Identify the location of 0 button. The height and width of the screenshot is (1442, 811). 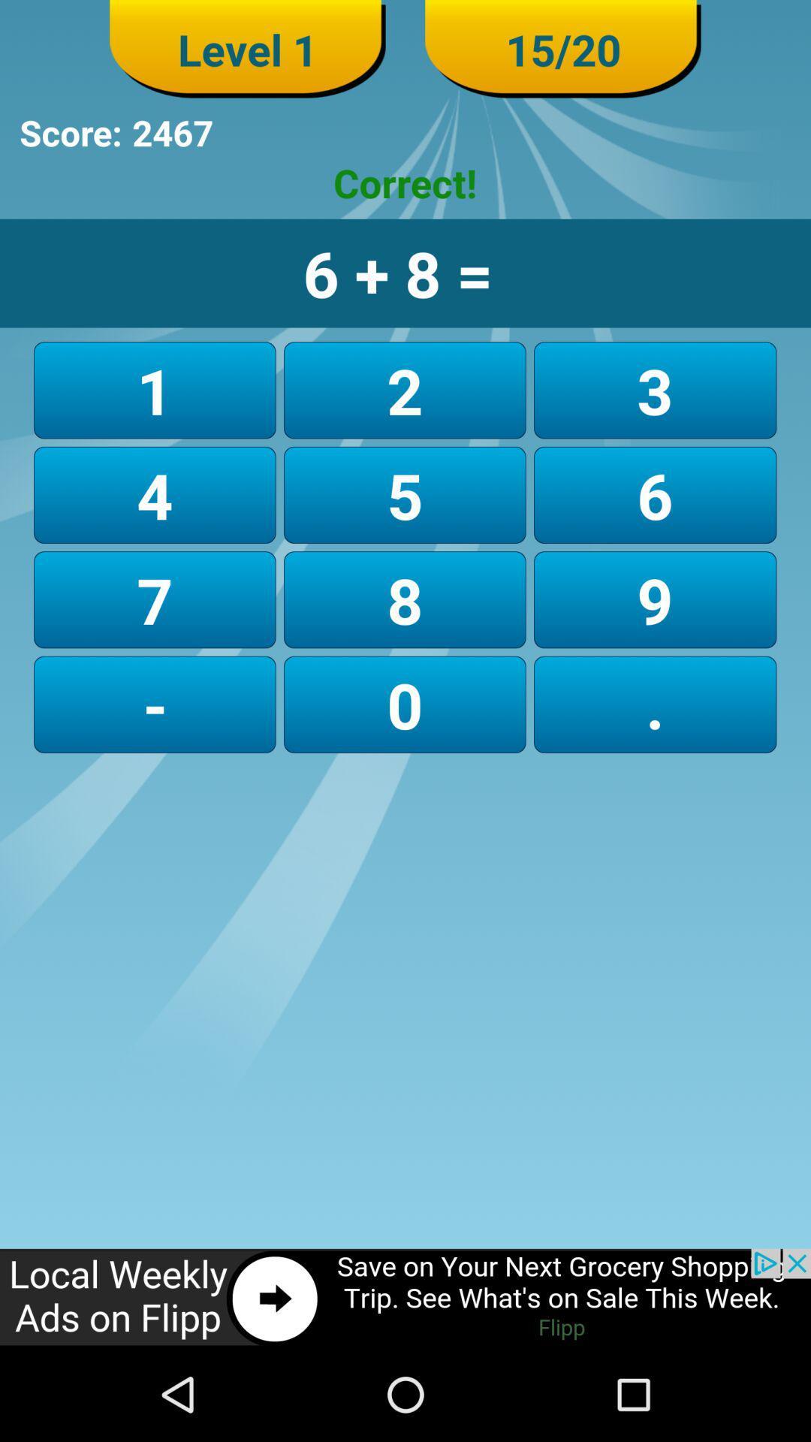
(404, 704).